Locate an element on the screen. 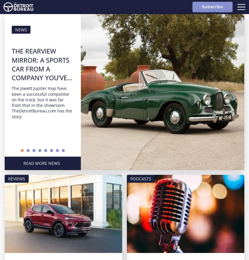 The width and height of the screenshot is (249, 260). 'Subscribe' is located at coordinates (212, 6).